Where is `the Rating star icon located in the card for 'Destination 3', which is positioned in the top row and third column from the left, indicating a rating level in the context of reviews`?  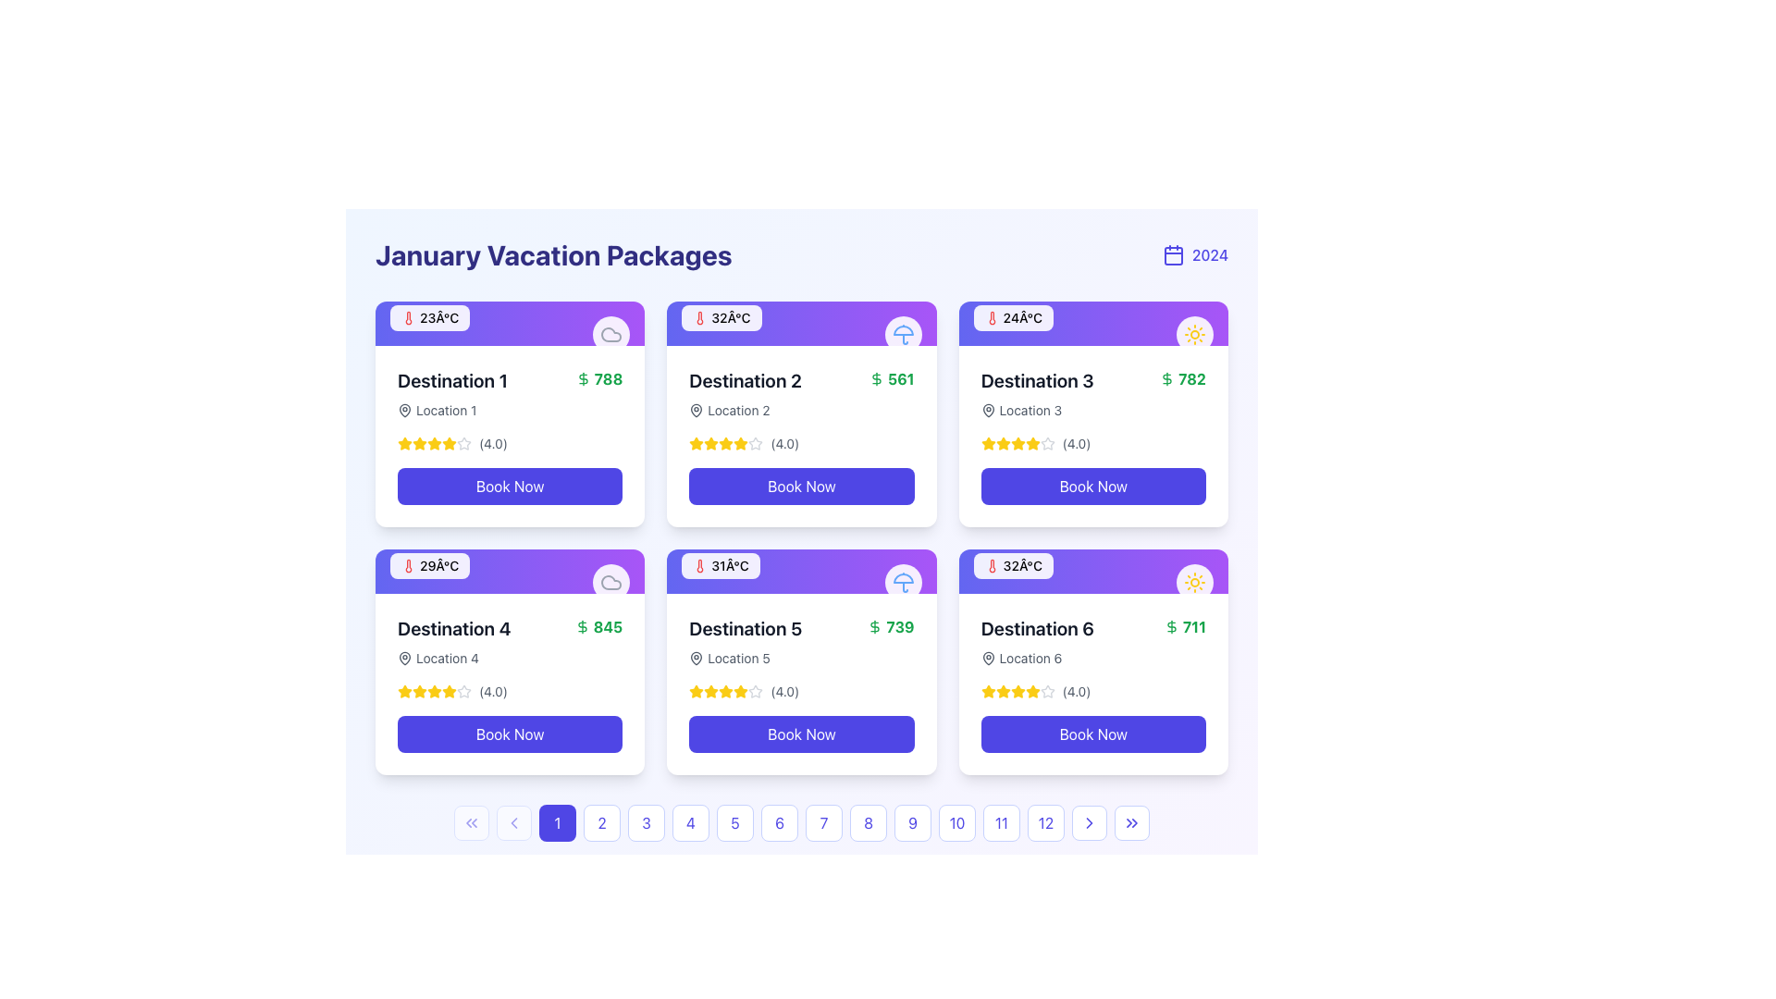 the Rating star icon located in the card for 'Destination 3', which is positioned in the top row and third column from the left, indicating a rating level in the context of reviews is located at coordinates (1002, 443).